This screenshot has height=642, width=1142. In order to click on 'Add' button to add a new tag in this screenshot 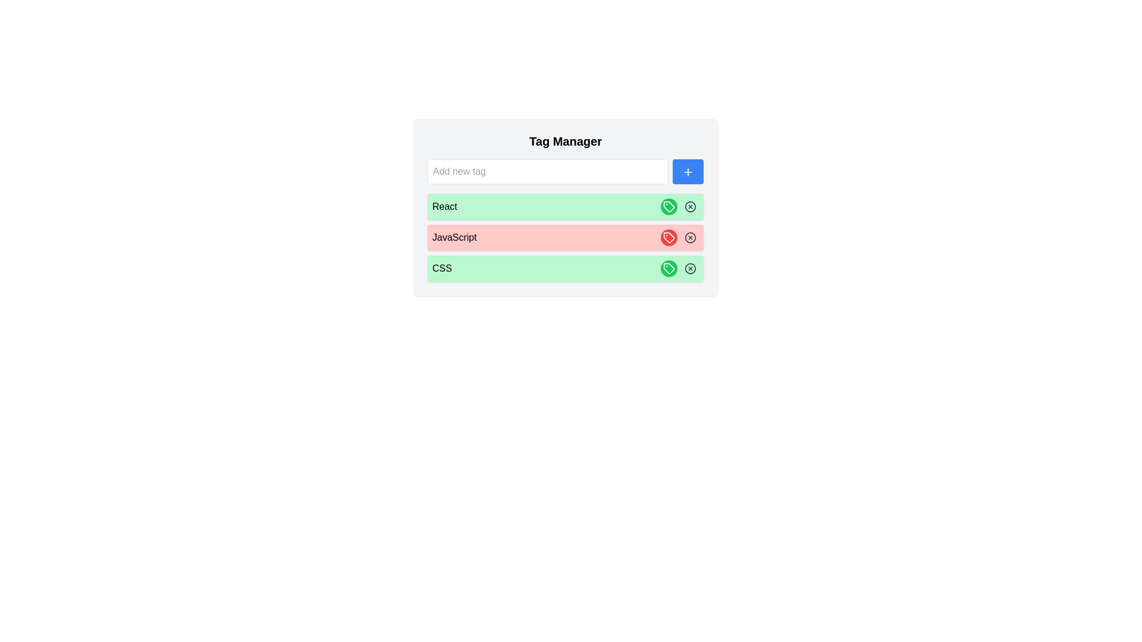, I will do `click(688, 172)`.